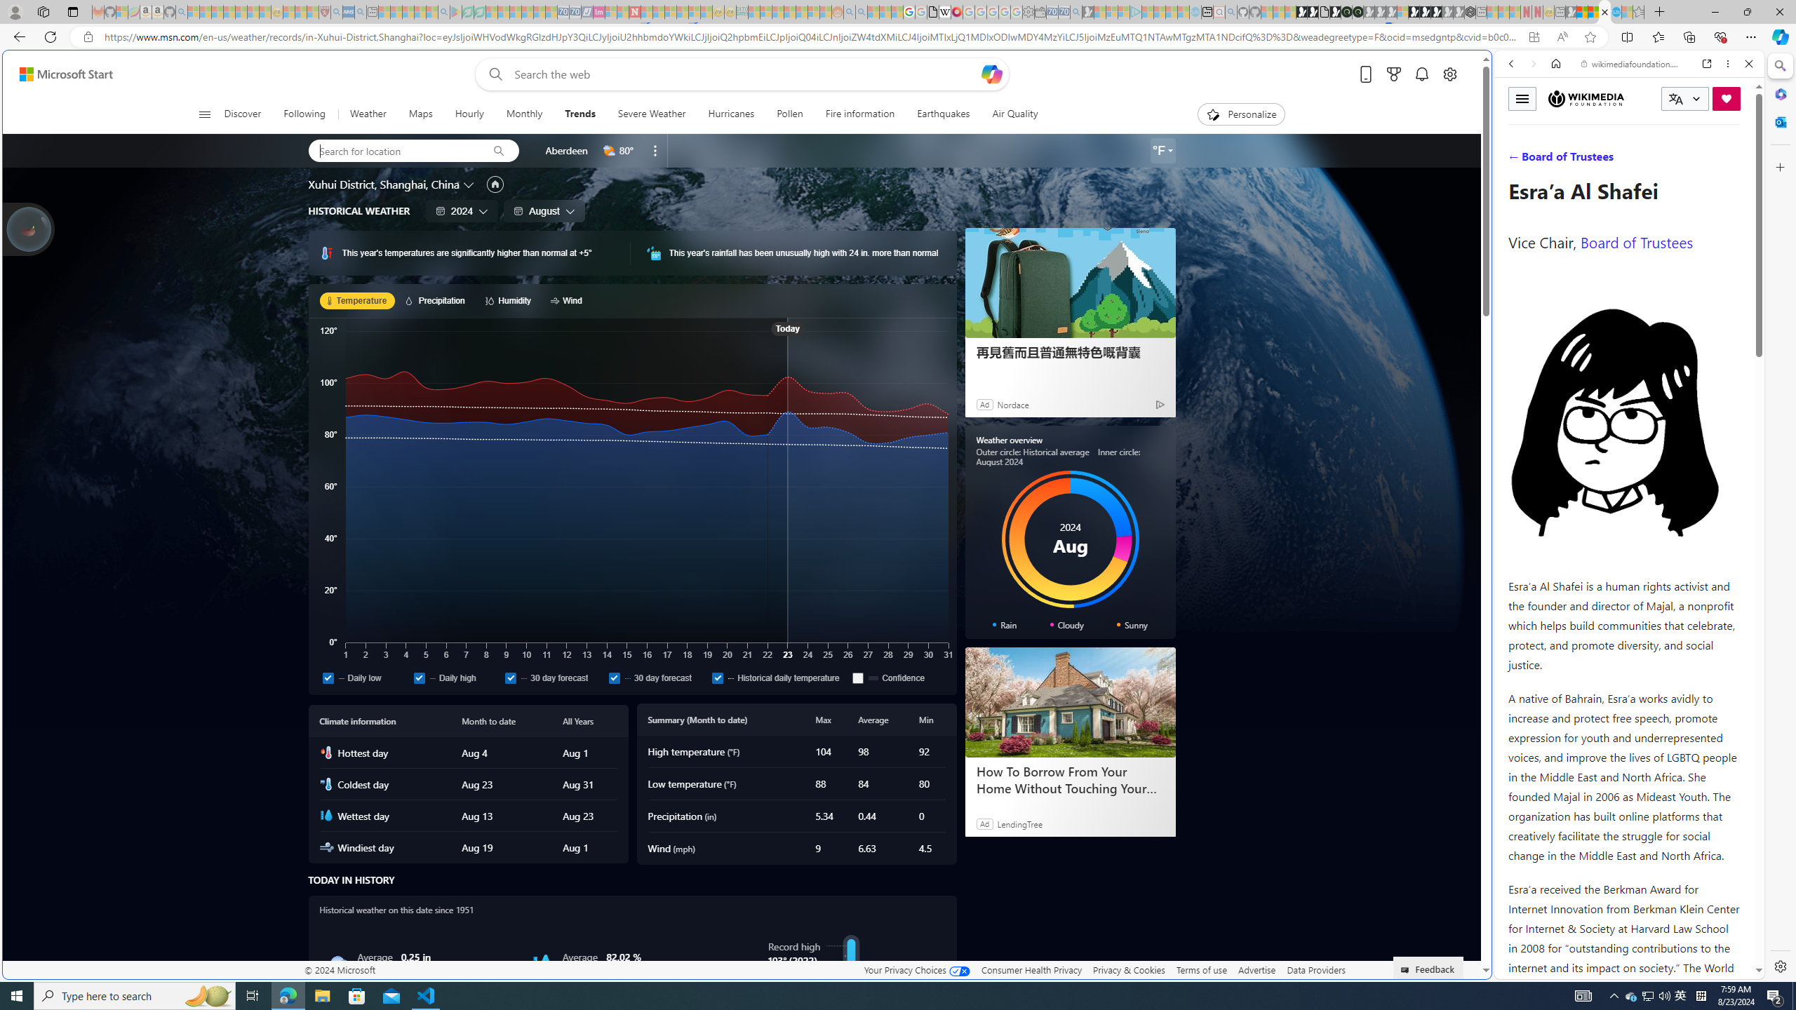 This screenshot has width=1796, height=1010. What do you see at coordinates (730, 114) in the screenshot?
I see `'Hurricanes'` at bounding box center [730, 114].